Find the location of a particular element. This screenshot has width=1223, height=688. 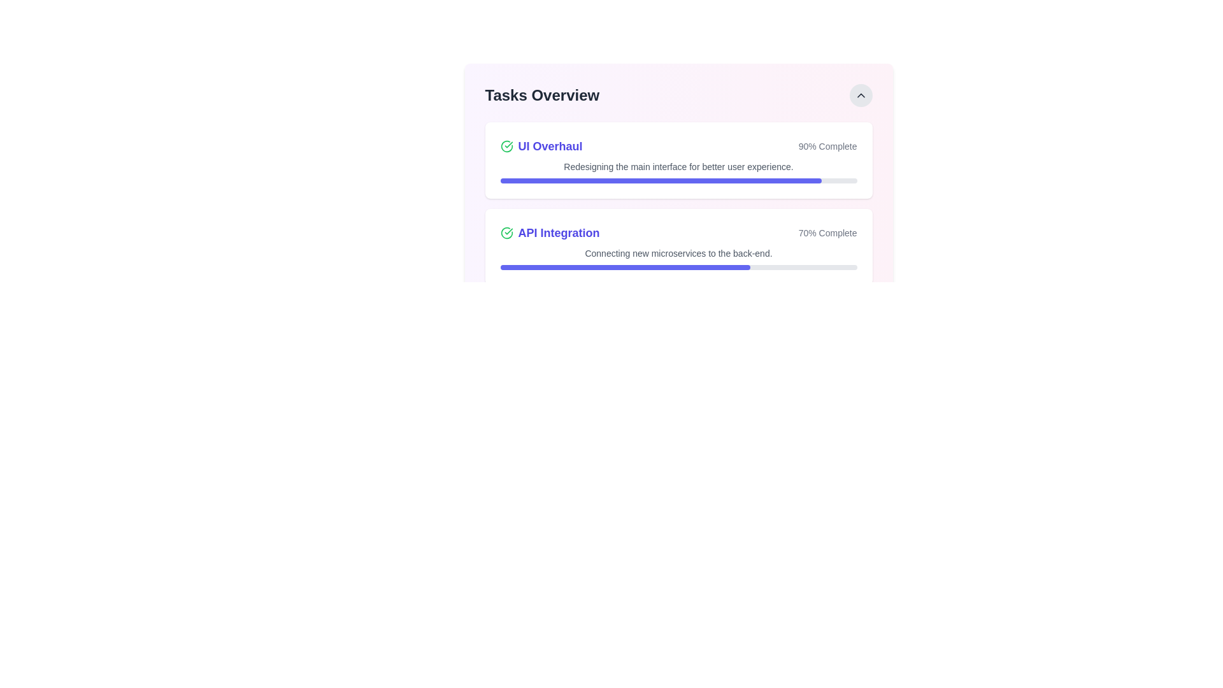

the circular green outline icon with a checkmark indicating a completed status, located to the left of the 'API Integration' text in the 'Tasks Overview' section is located at coordinates (506, 233).